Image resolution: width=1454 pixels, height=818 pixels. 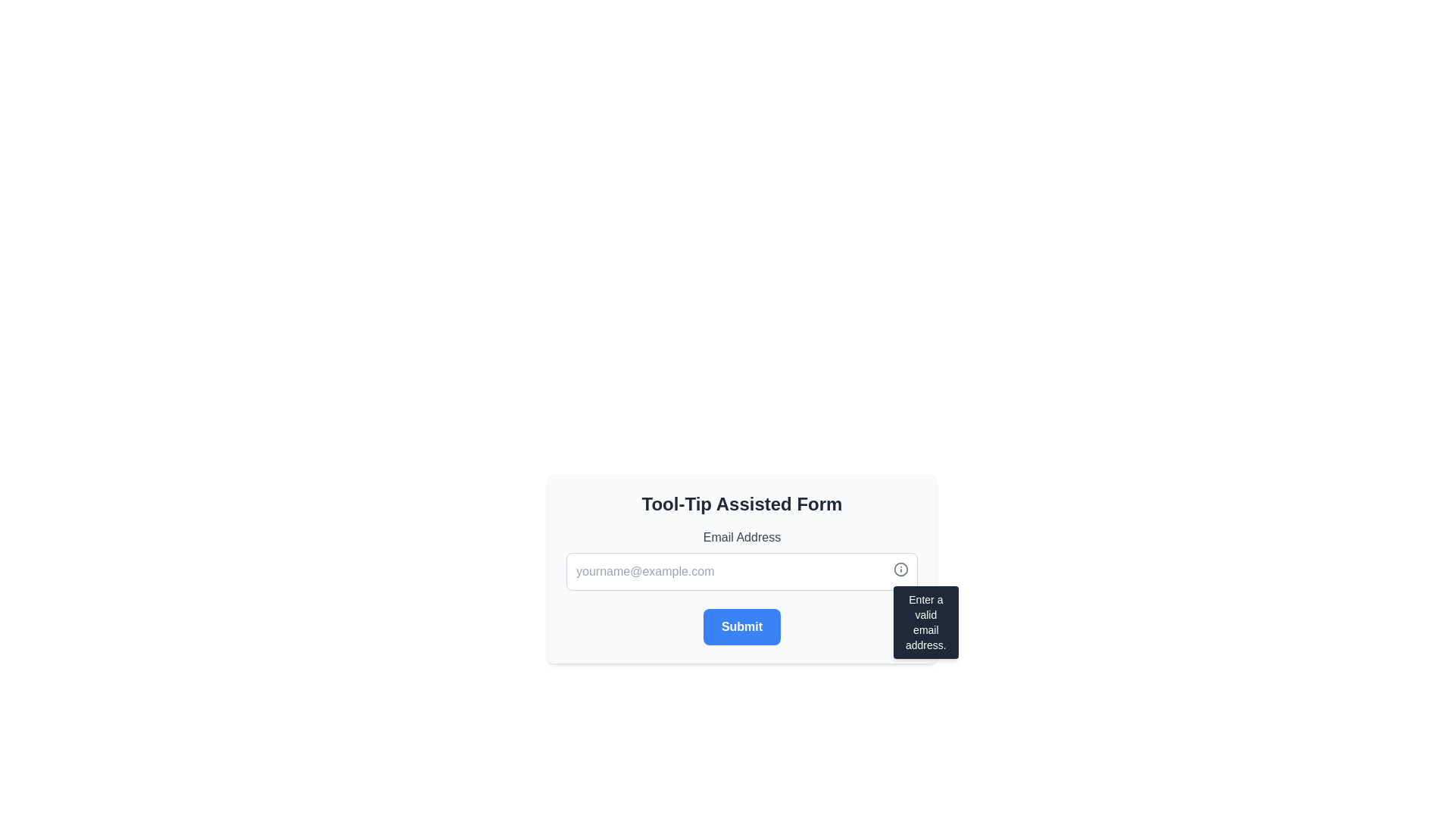 I want to click on the tooltip that provides additional information related to the 'Email Address' input field in the 'Tool-Tip Assisted Form.', so click(x=925, y=622).